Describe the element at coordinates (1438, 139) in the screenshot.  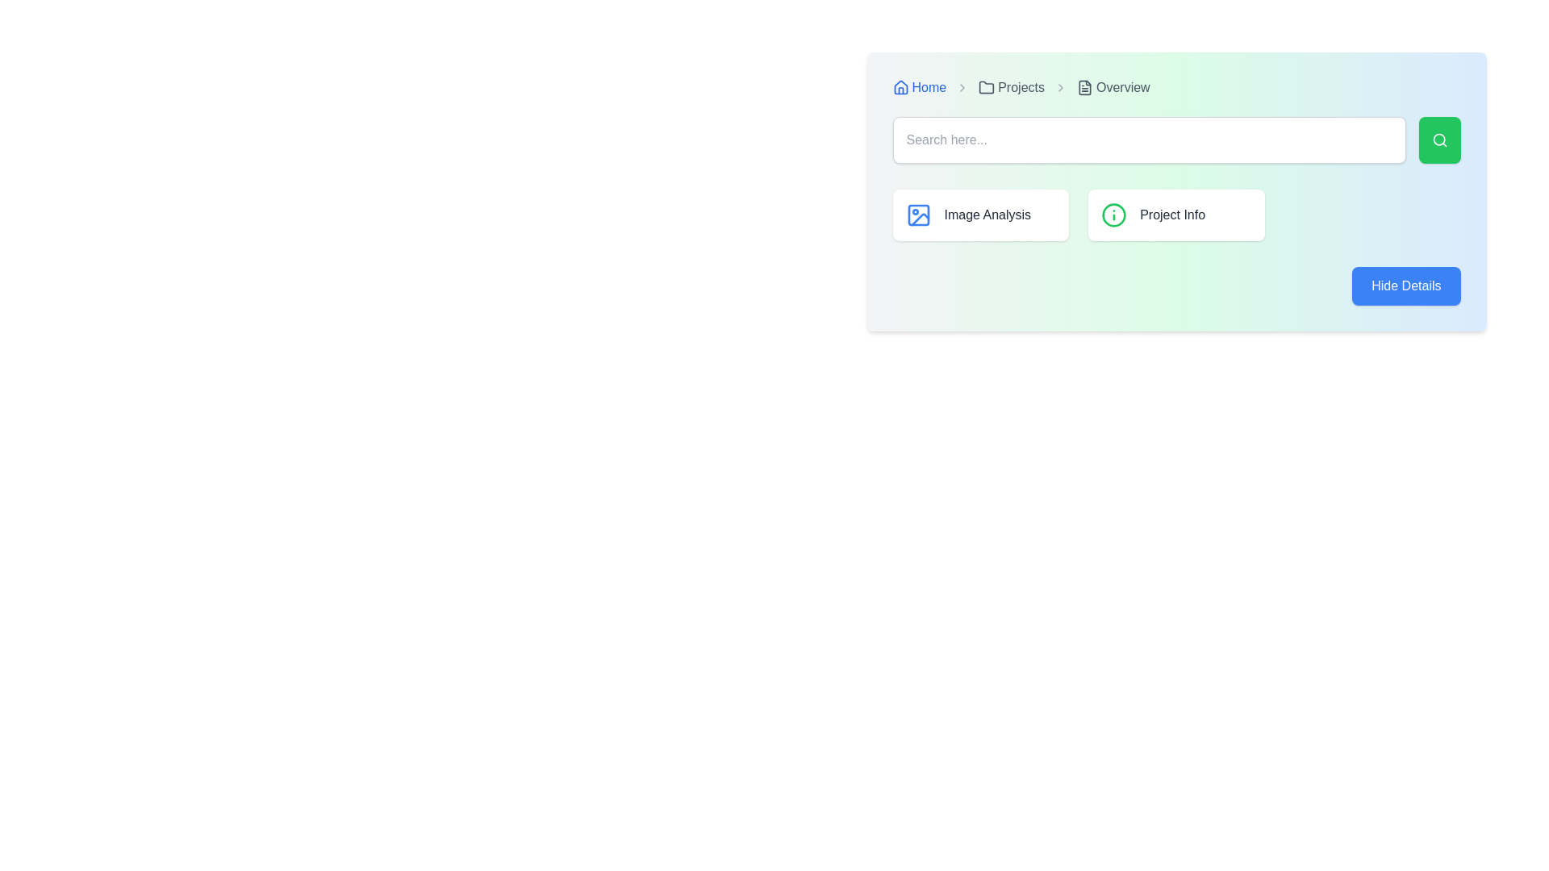
I see `the circular part of the magnifying glass icon, which serves as the lens, located to the right of the search bar` at that location.